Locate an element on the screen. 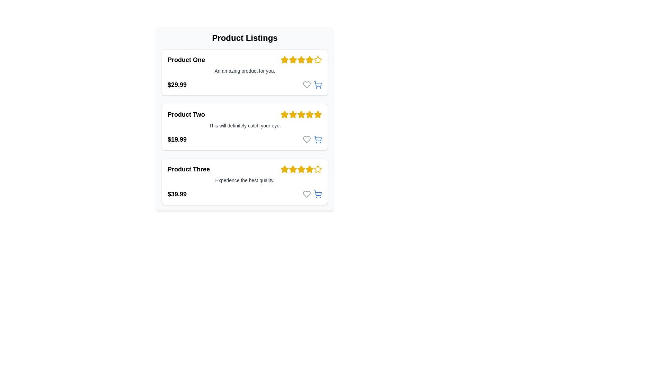 The width and height of the screenshot is (665, 374). the fifth star icon in the rating section of the 'Product Two' listing to rate it is located at coordinates (309, 114).